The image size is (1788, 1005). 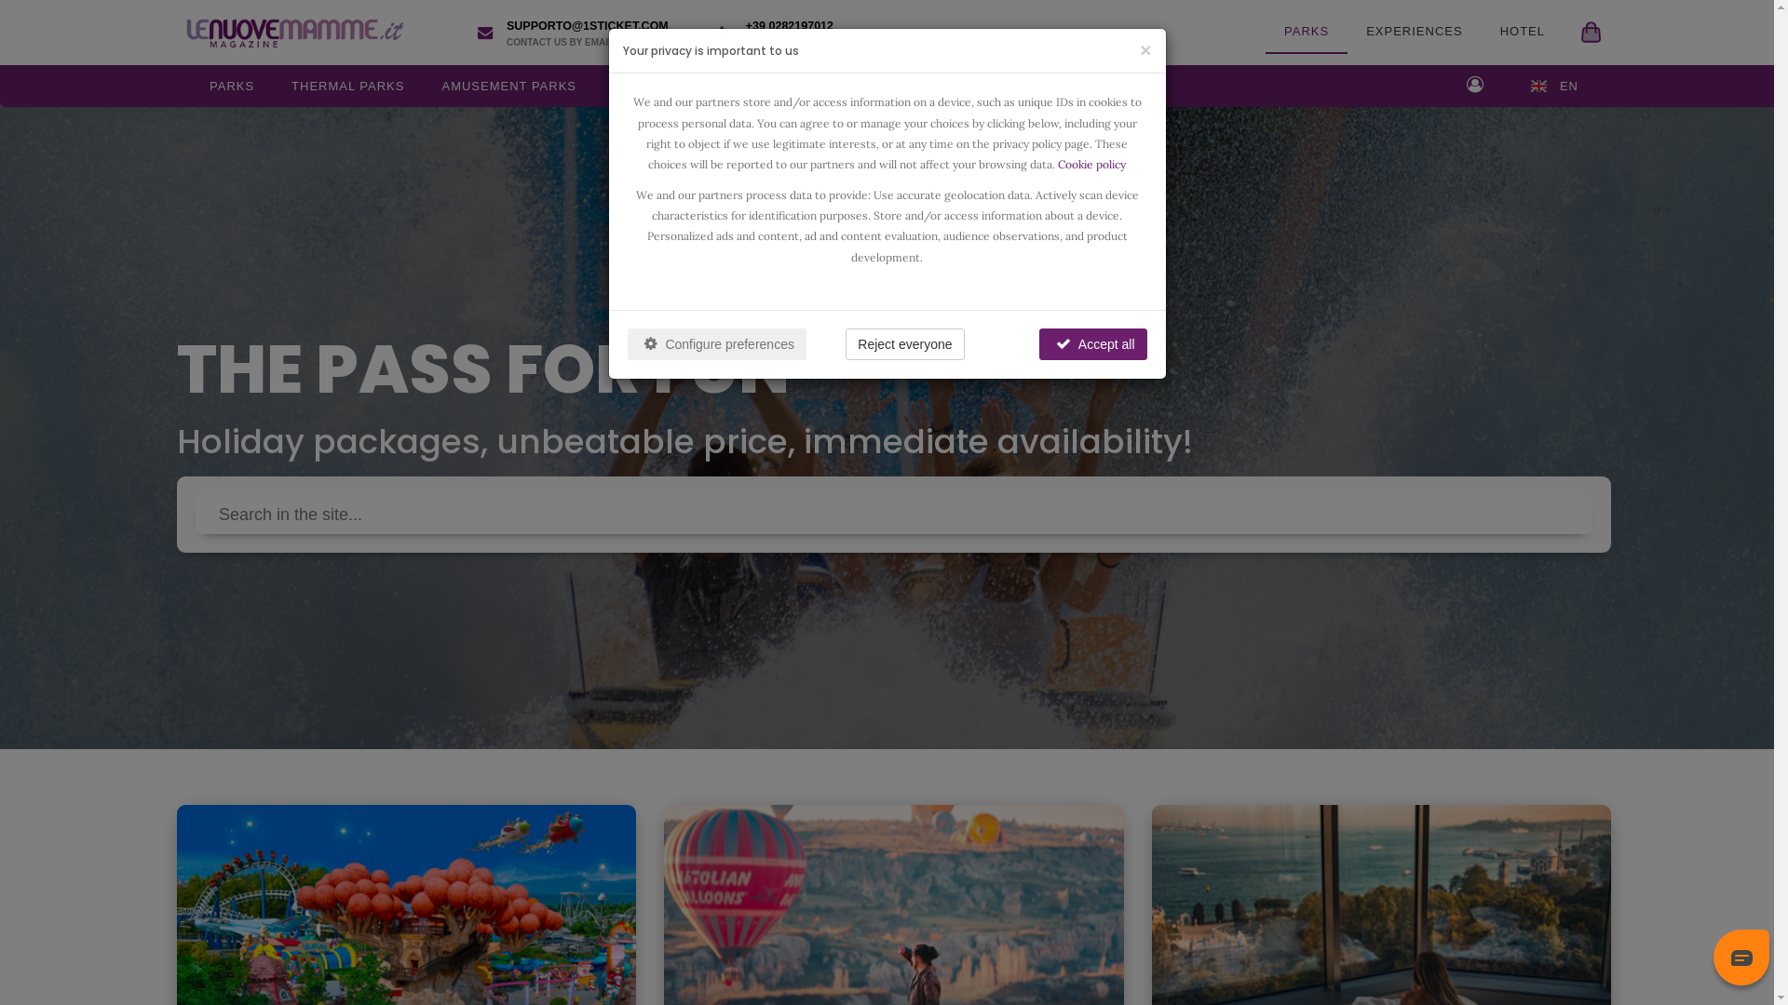 What do you see at coordinates (715, 344) in the screenshot?
I see `'Configure preferences'` at bounding box center [715, 344].